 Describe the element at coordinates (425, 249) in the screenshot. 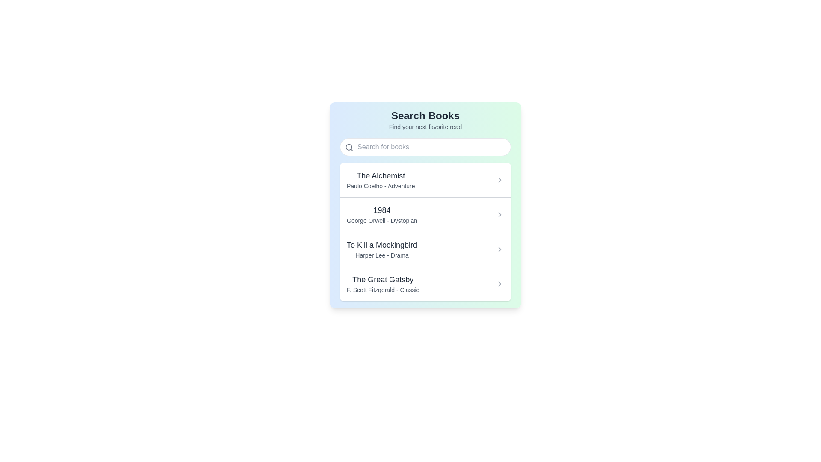

I see `the selectable book item in the list that represents 'To Kill a Mockingbird', which is the third item in the list located between '1984' and 'The Great Gatsby'` at that location.